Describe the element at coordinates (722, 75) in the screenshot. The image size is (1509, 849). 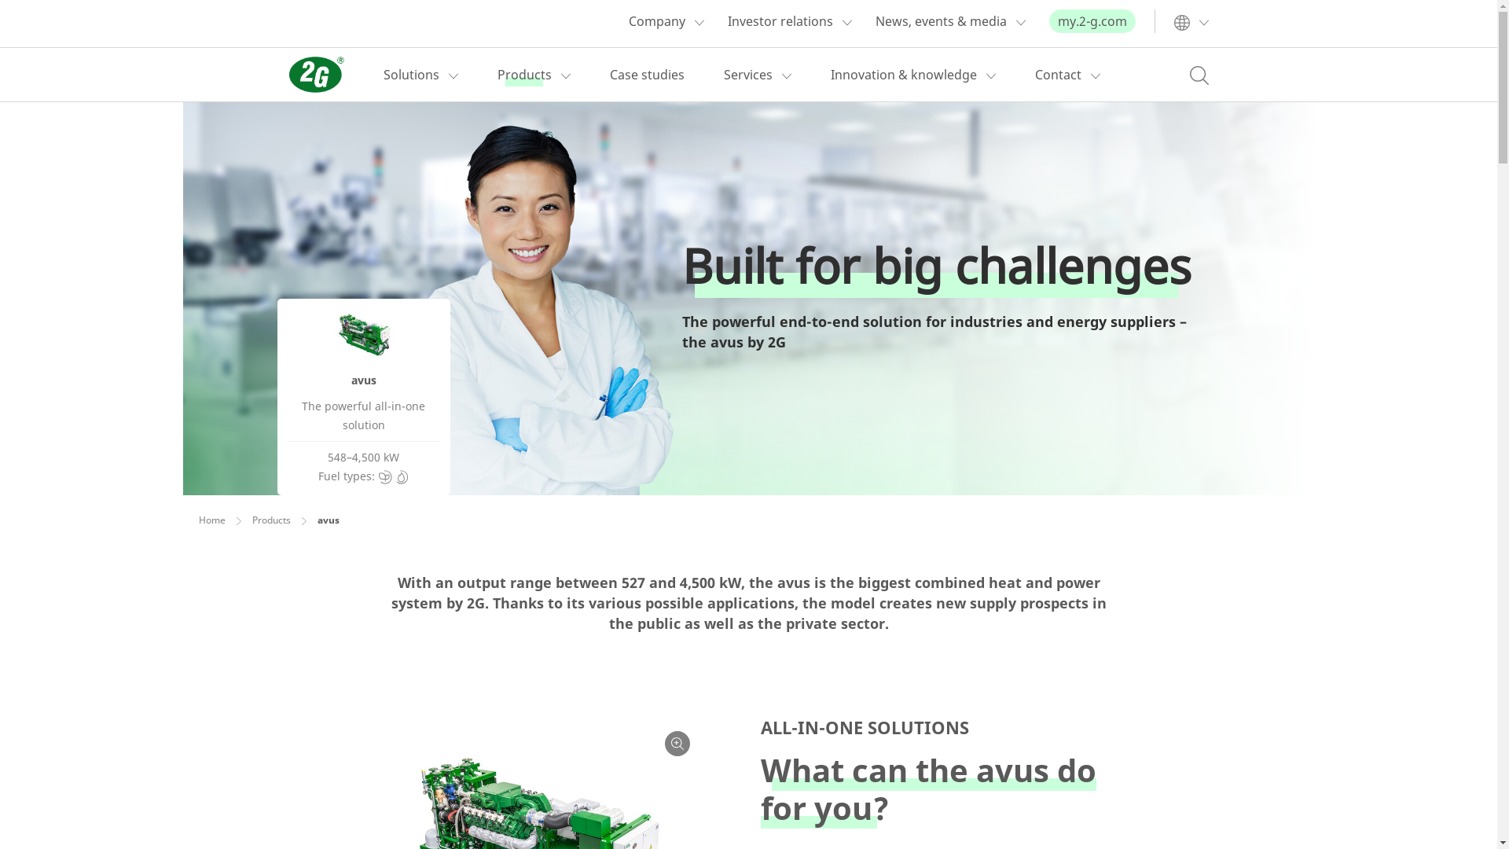
I see `'Services'` at that location.